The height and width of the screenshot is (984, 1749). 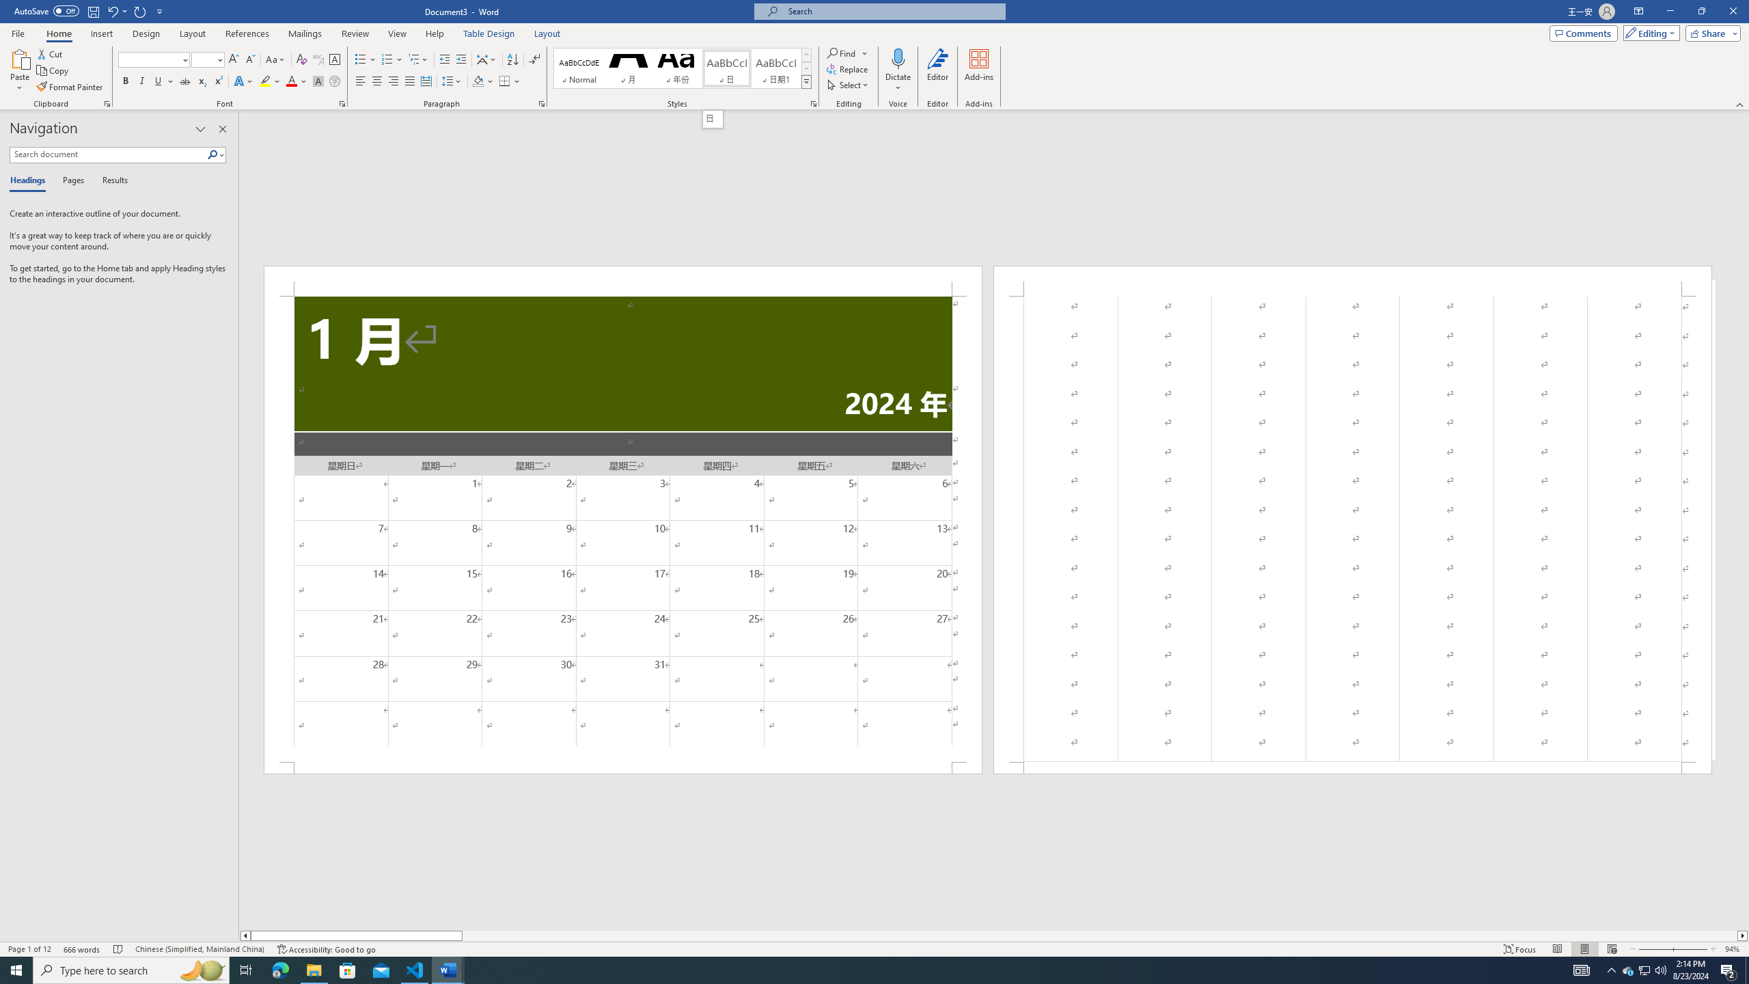 I want to click on 'Task Pane Options', so click(x=200, y=128).